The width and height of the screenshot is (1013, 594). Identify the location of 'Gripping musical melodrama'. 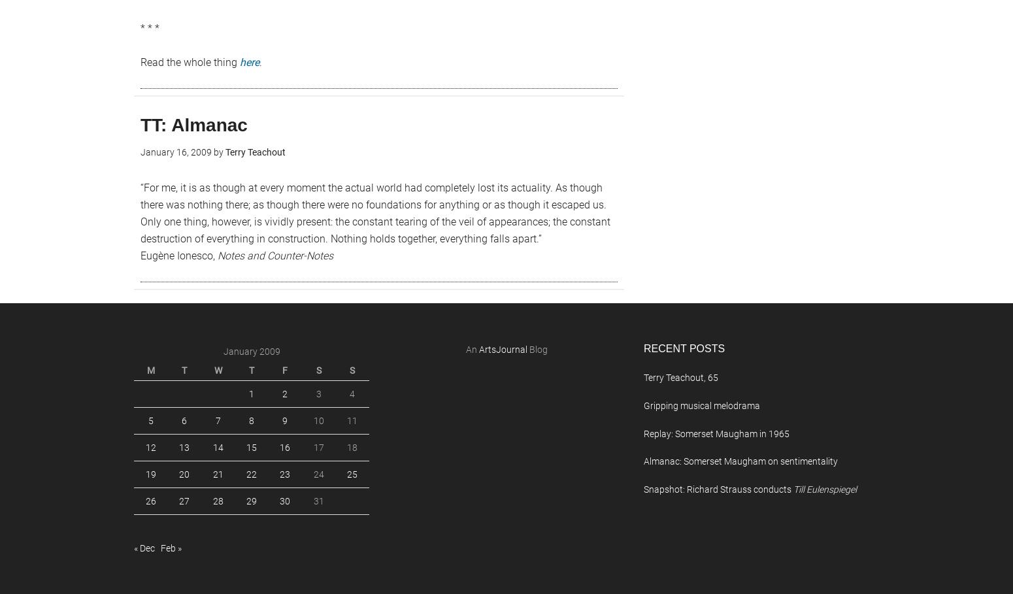
(701, 405).